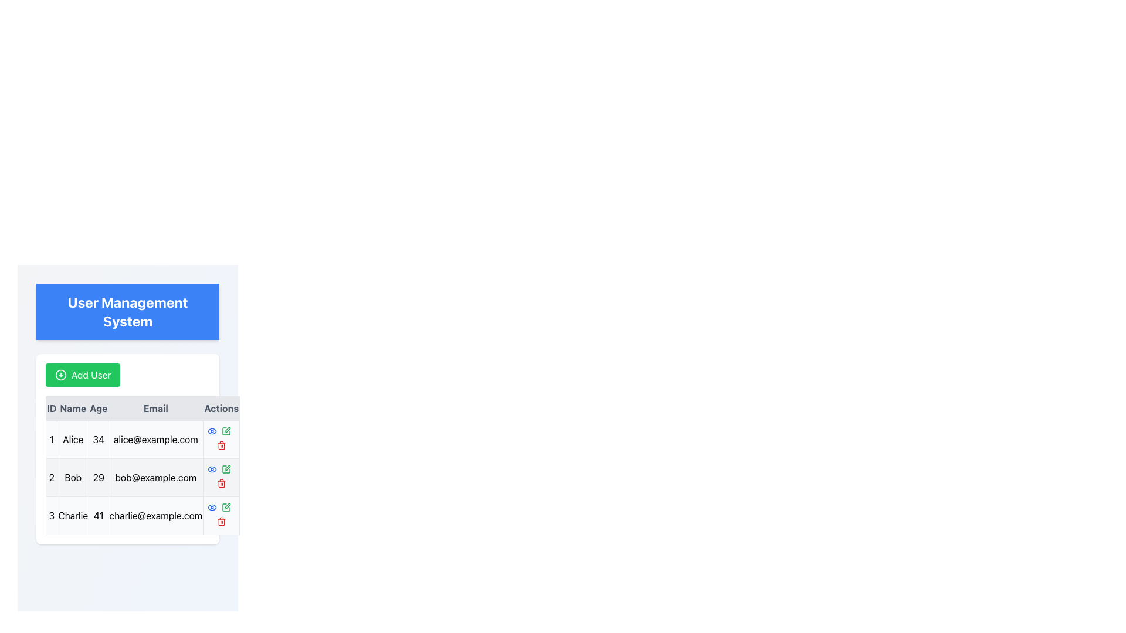 Image resolution: width=1126 pixels, height=633 pixels. Describe the element at coordinates (227, 506) in the screenshot. I see `the 'Edit' icon for the user 'Charlie' located as the second icon in the 'Actions' column of the table` at that location.